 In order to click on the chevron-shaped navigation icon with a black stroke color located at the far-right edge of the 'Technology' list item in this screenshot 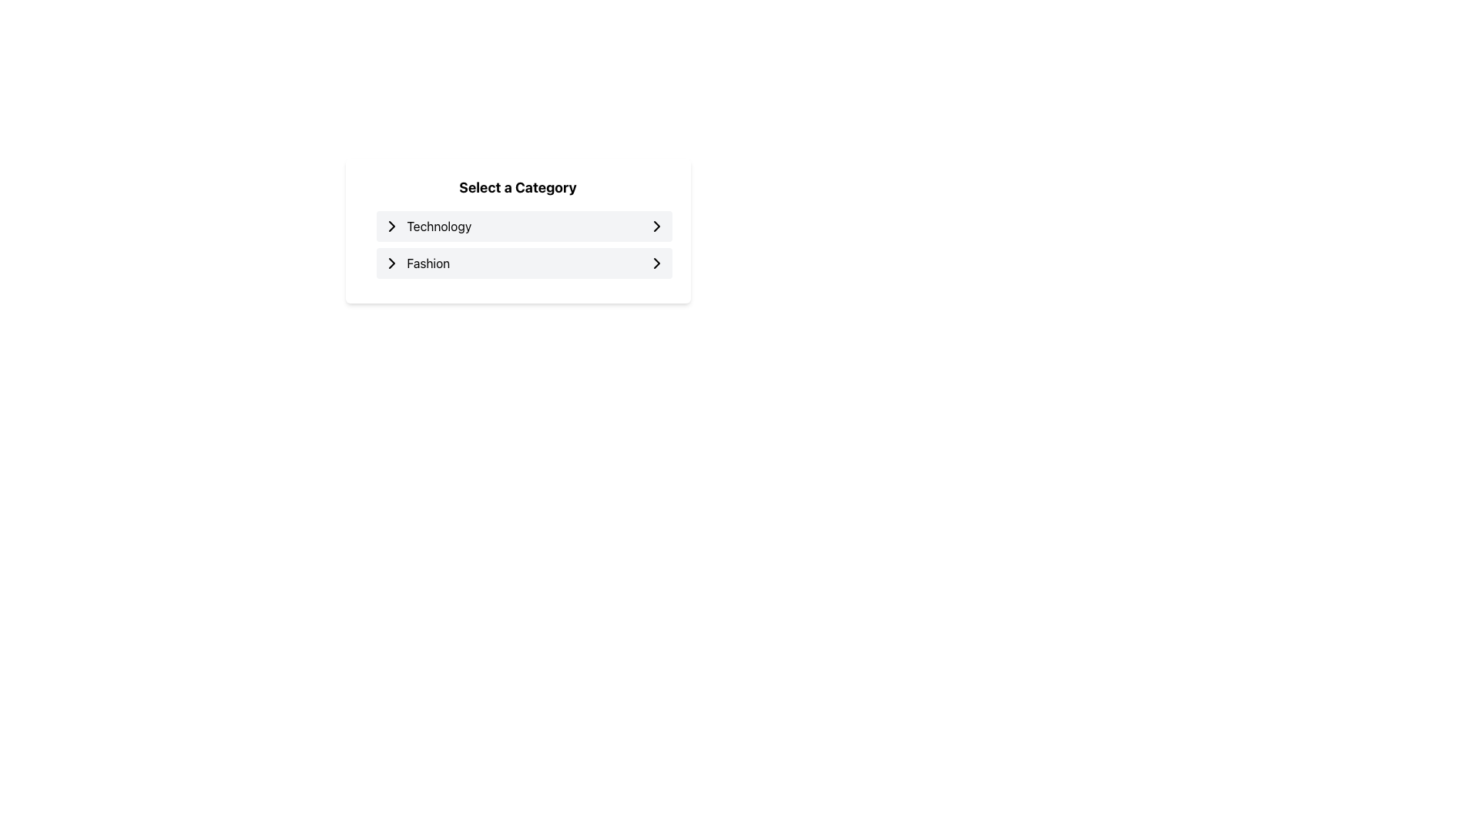, I will do `click(656, 226)`.